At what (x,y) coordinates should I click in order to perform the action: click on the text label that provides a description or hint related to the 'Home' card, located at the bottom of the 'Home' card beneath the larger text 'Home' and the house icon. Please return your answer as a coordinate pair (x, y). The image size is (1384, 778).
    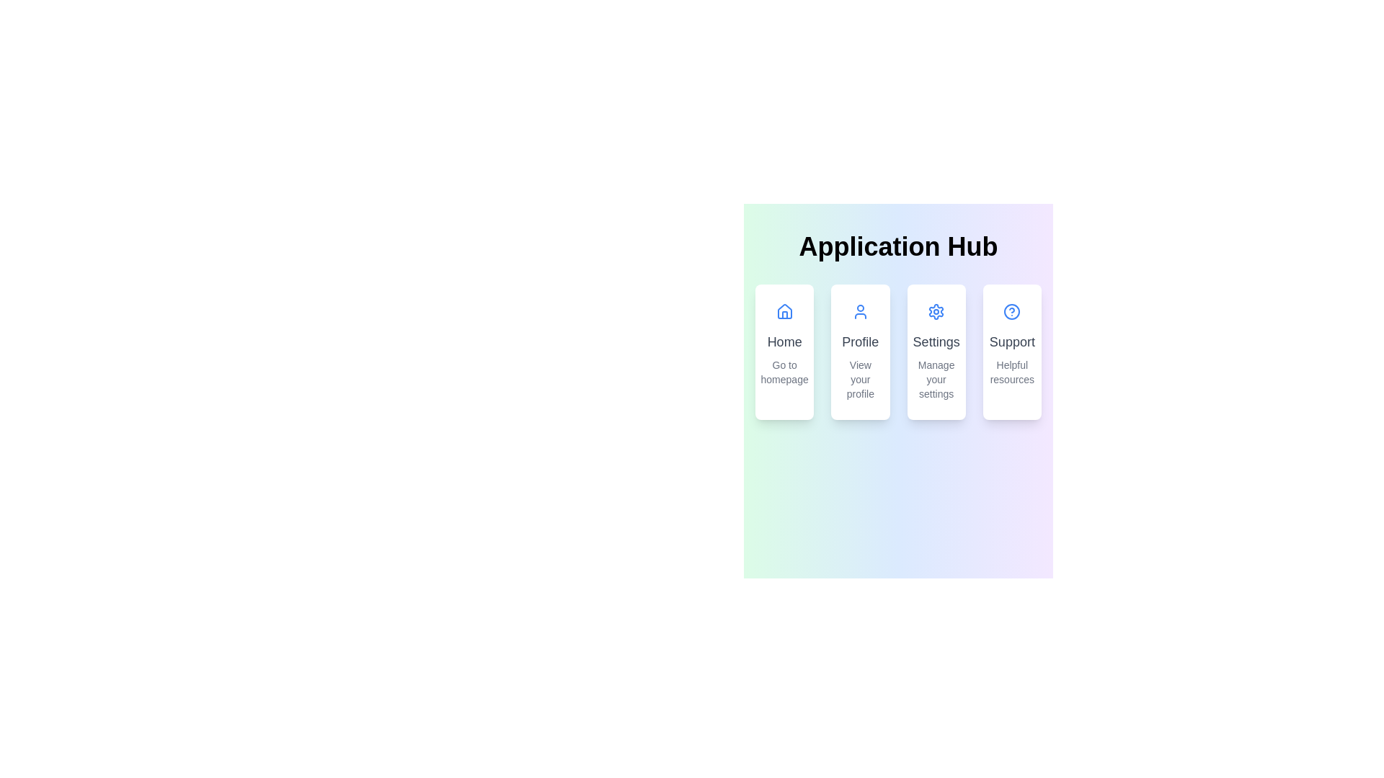
    Looking at the image, I should click on (784, 371).